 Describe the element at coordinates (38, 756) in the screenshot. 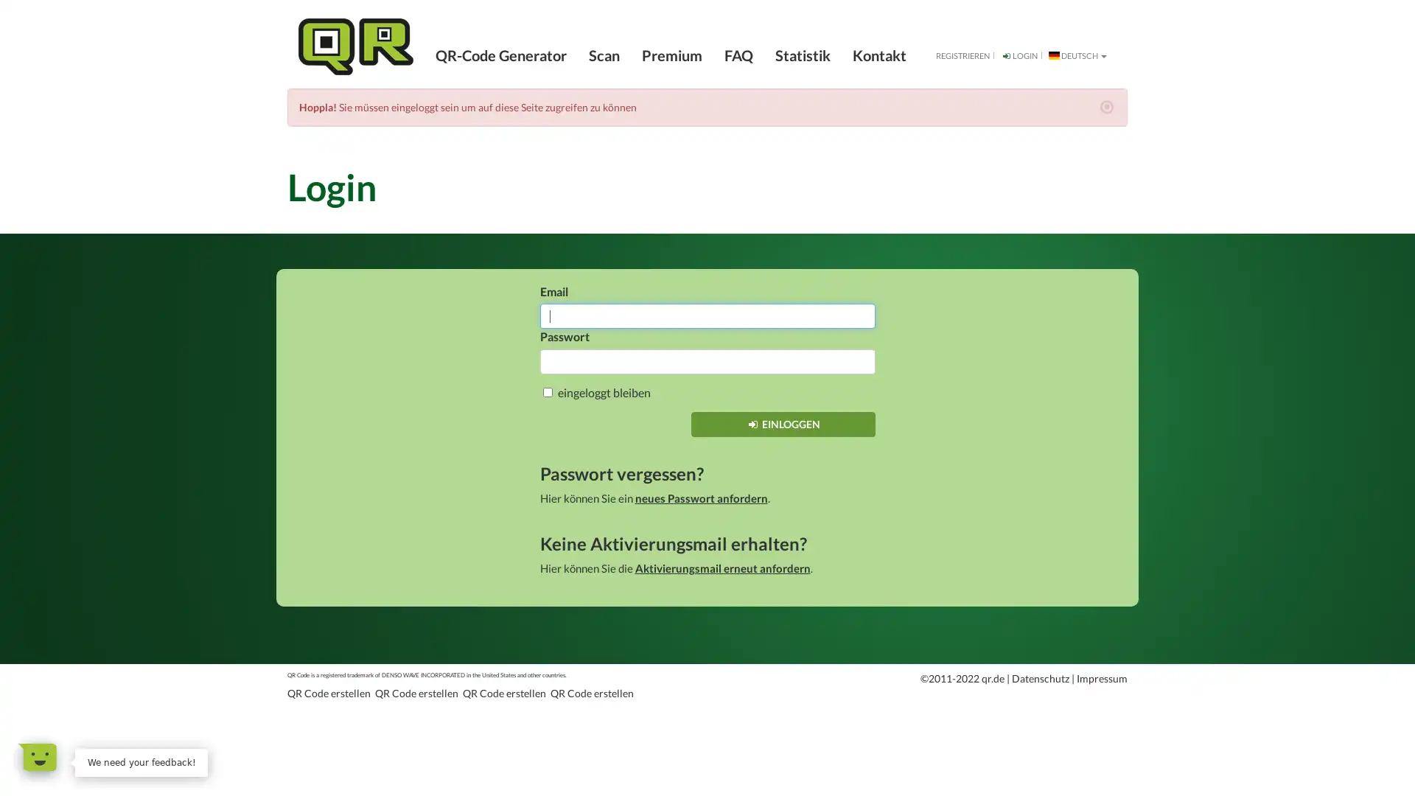

I see `Open` at that location.